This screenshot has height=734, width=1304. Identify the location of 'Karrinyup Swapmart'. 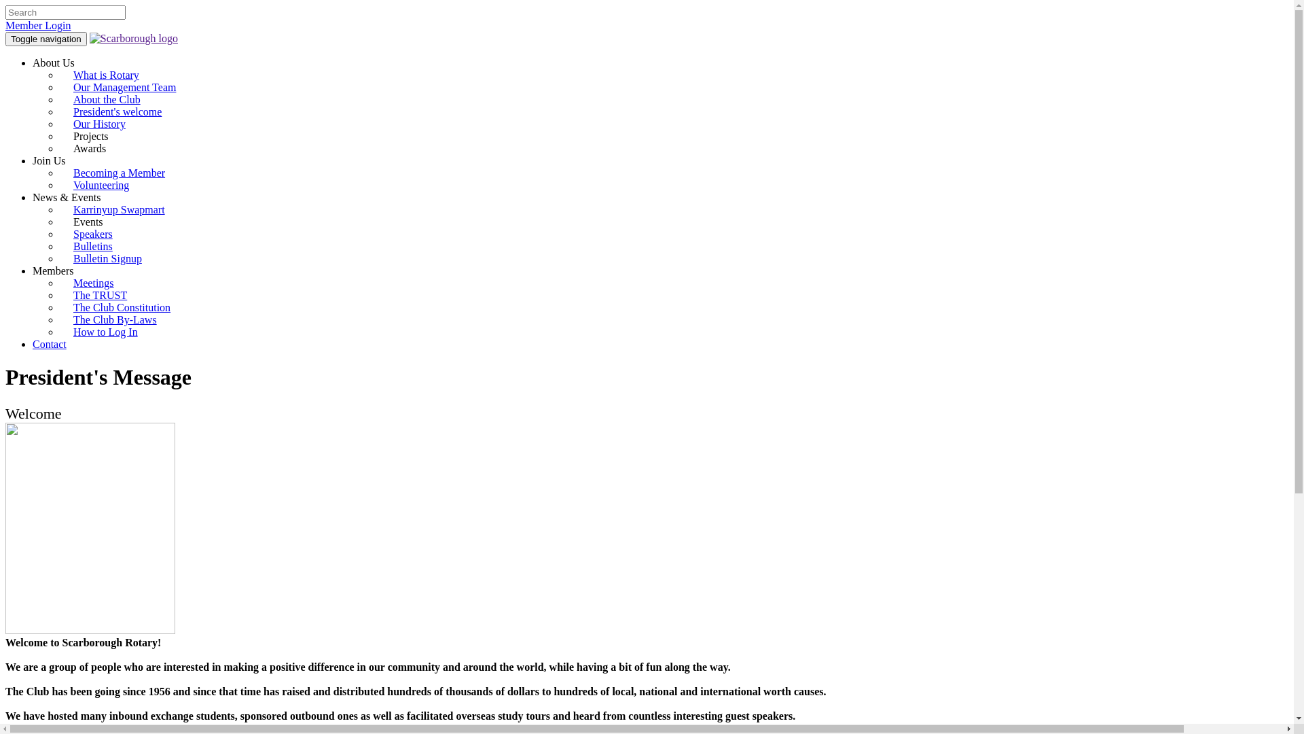
(119, 209).